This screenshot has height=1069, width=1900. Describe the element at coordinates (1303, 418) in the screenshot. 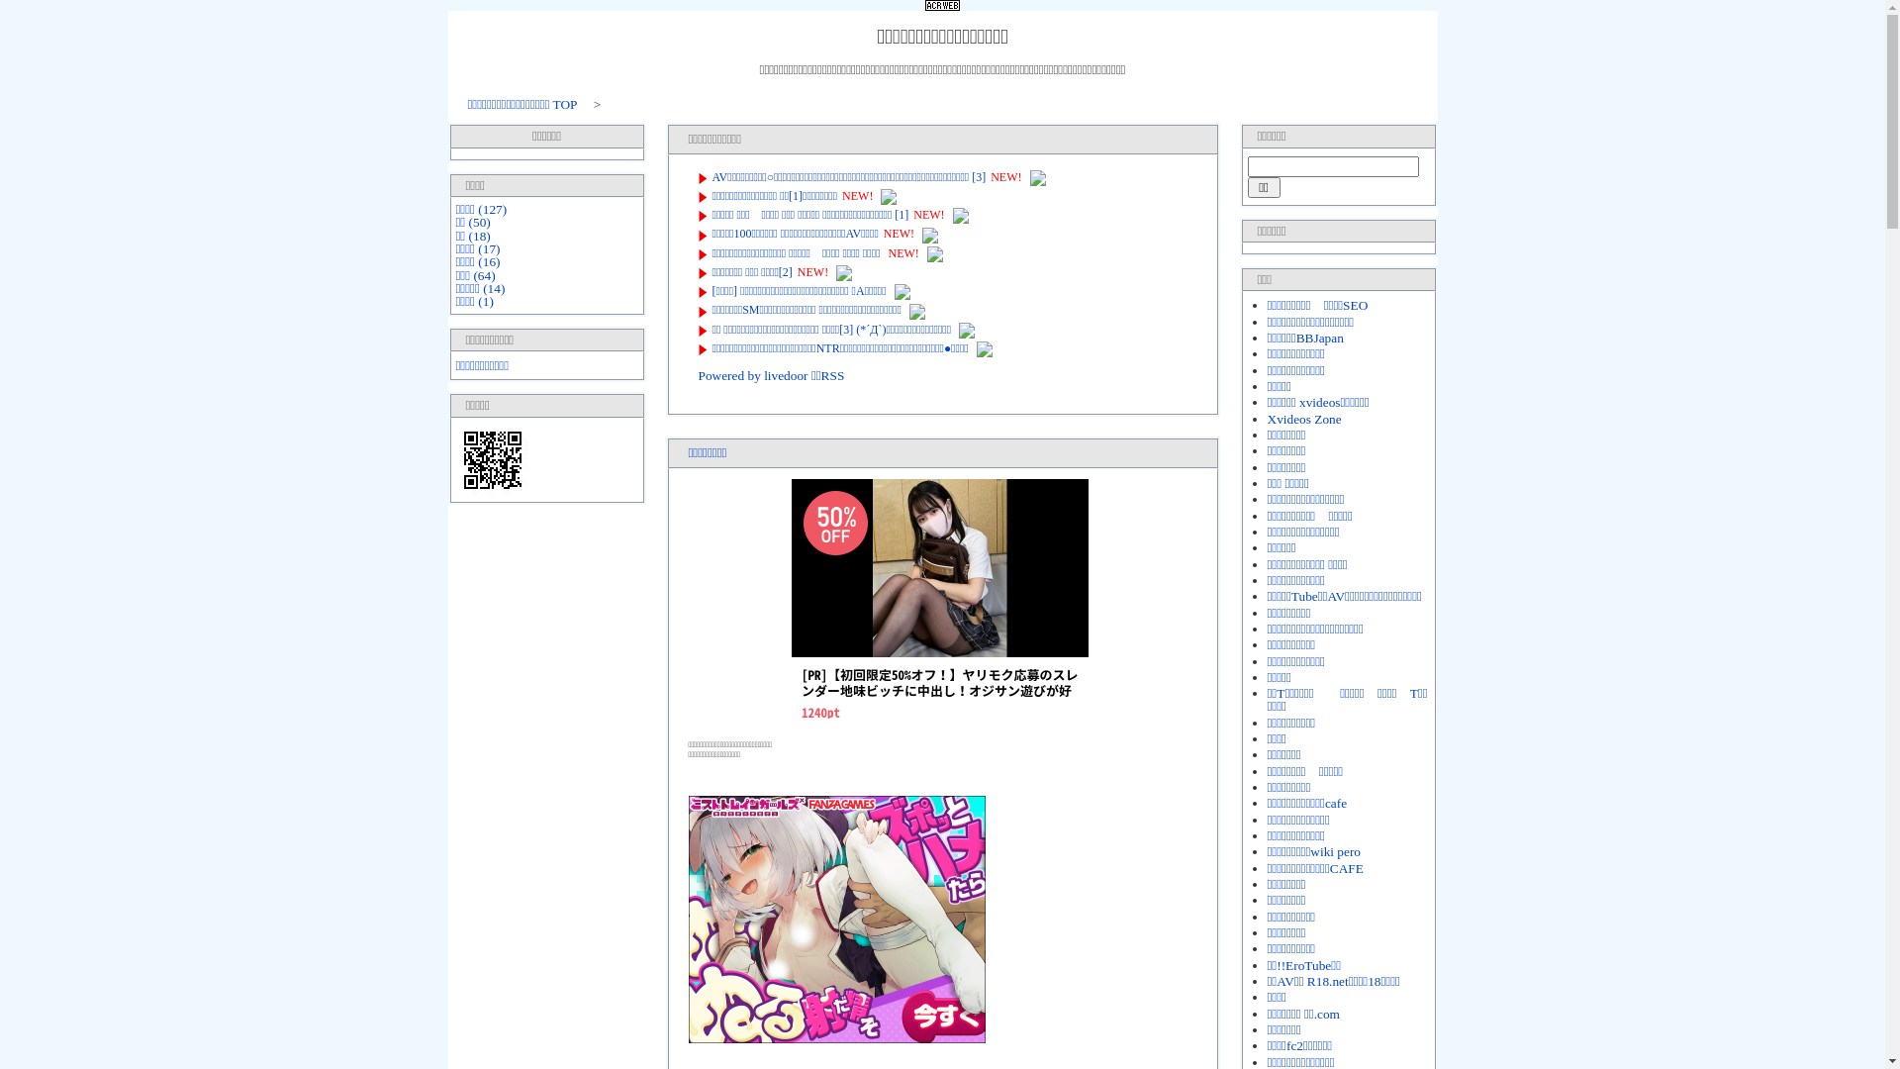

I see `'Xvideos Zone'` at that location.